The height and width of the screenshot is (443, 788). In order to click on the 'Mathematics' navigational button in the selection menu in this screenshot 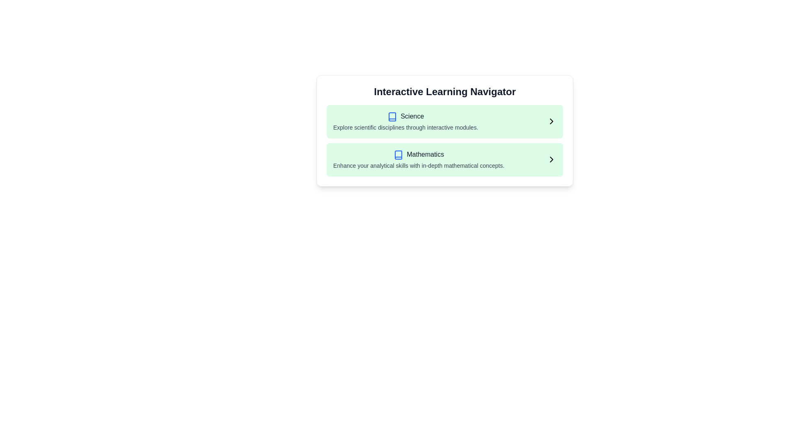, I will do `click(444, 160)`.